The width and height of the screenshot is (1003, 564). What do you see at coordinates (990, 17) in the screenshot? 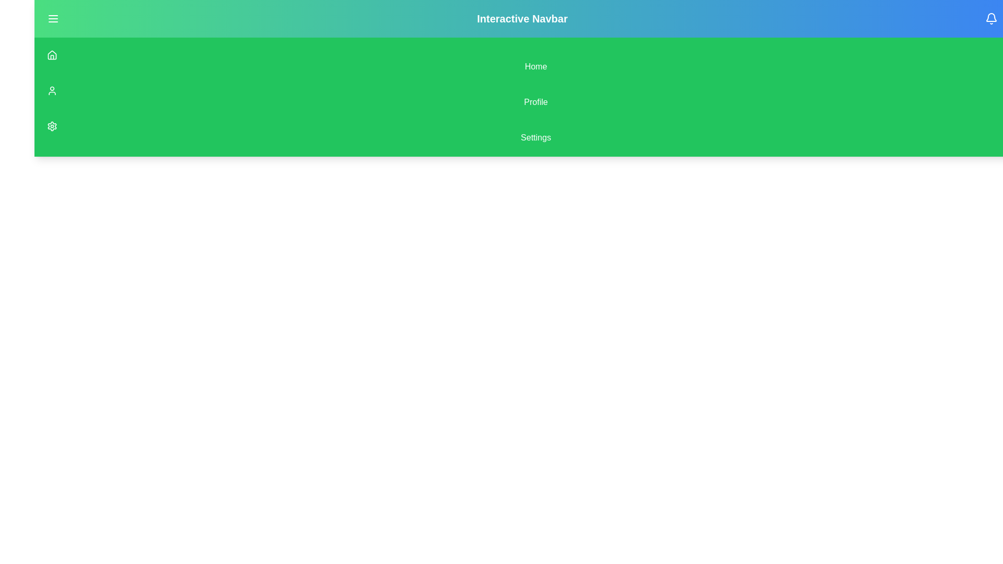
I see `the notification icon represented by a bell shape located at the top-right corner of the interface` at bounding box center [990, 17].